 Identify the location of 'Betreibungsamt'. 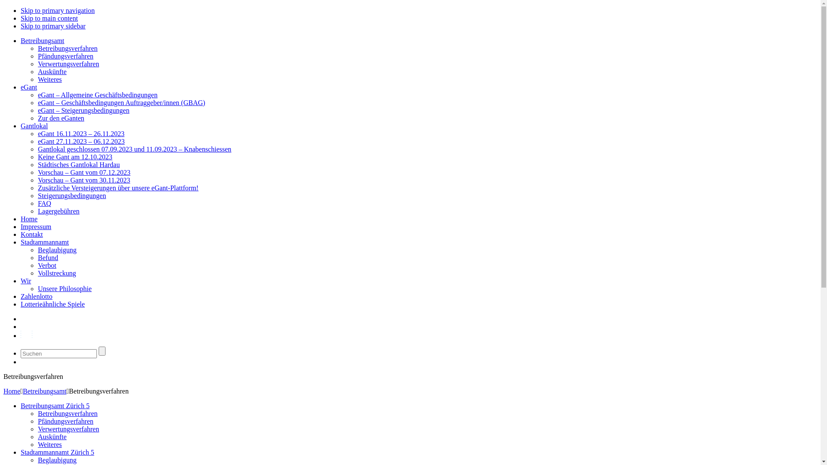
(21, 40).